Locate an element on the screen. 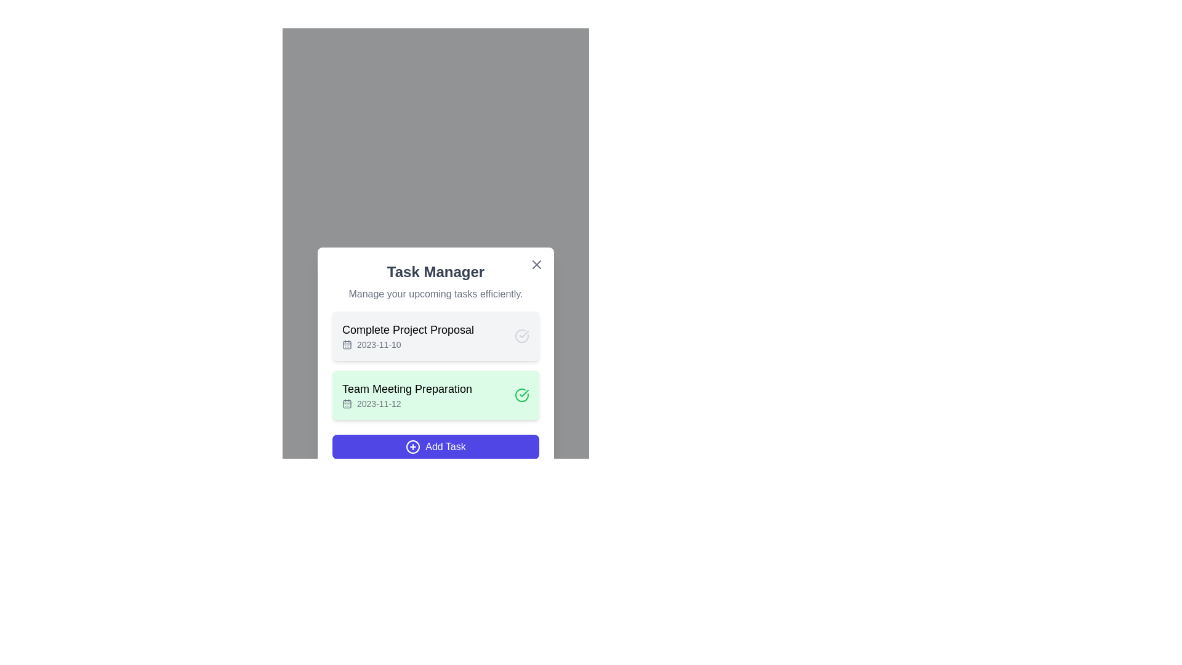 This screenshot has width=1182, height=665. text label stating 'Manage your upcoming tasks efficiently.' which is located directly below the title 'Task Manager' in the panel interface is located at coordinates (436, 294).